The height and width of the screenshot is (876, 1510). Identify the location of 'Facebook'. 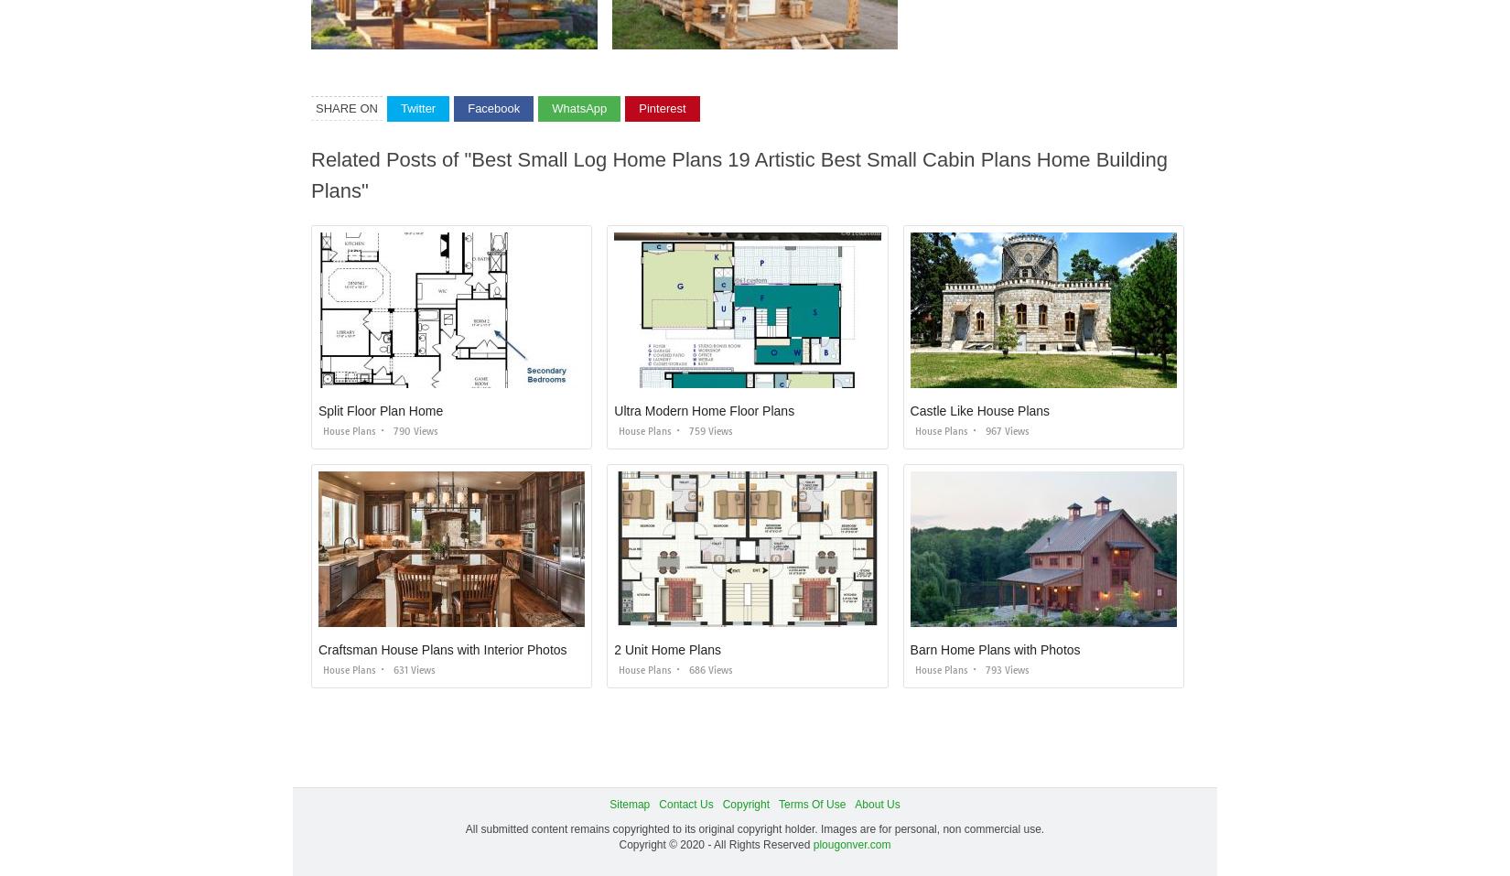
(492, 107).